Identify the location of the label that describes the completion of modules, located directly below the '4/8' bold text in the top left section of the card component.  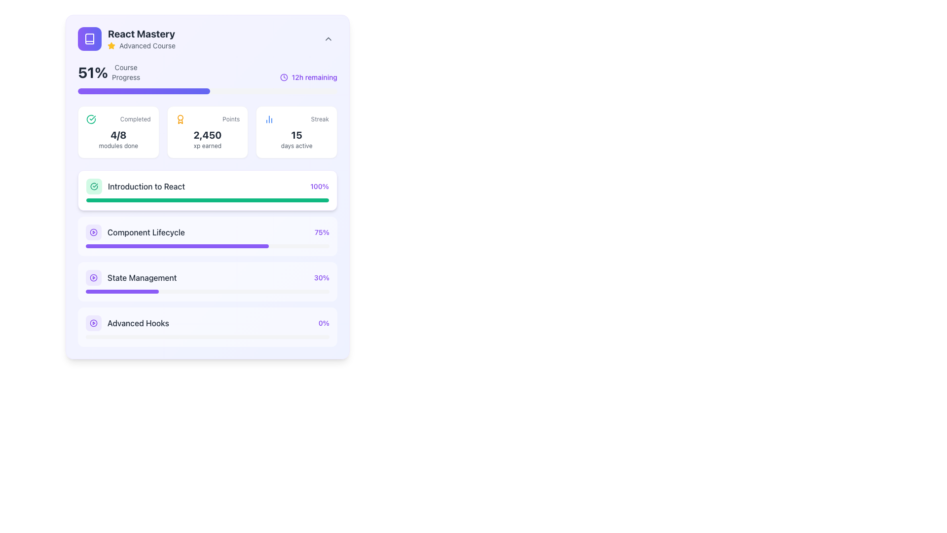
(118, 146).